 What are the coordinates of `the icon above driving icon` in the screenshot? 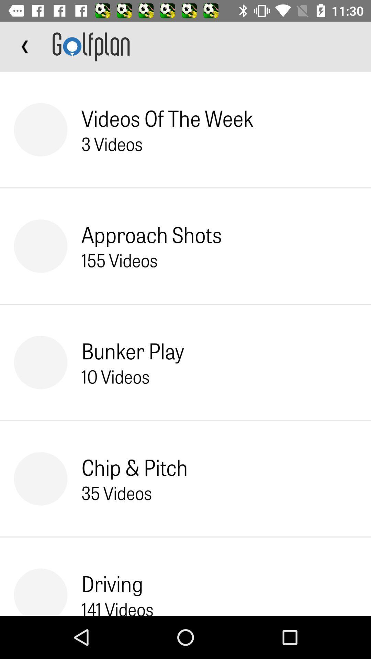 It's located at (116, 492).